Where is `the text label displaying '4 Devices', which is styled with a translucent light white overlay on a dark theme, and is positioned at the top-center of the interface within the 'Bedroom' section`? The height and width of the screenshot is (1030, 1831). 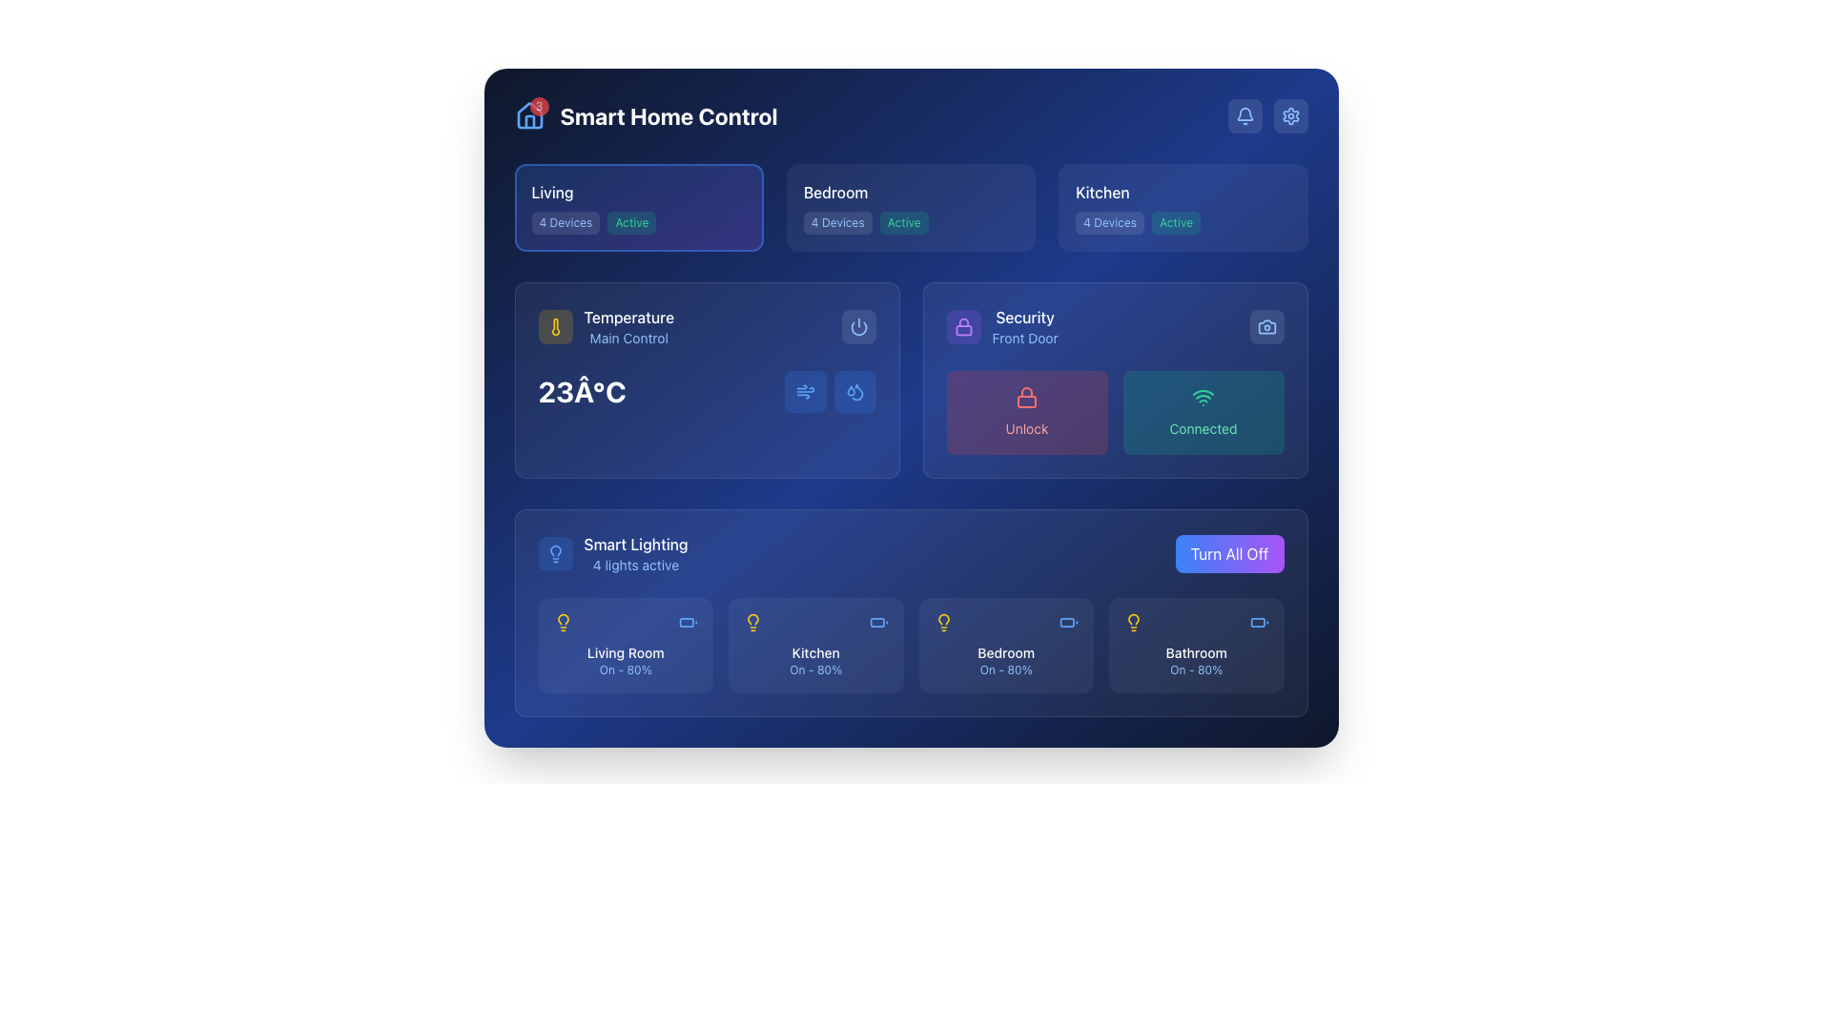
the text label displaying '4 Devices', which is styled with a translucent light white overlay on a dark theme, and is positioned at the top-center of the interface within the 'Bedroom' section is located at coordinates (837, 222).